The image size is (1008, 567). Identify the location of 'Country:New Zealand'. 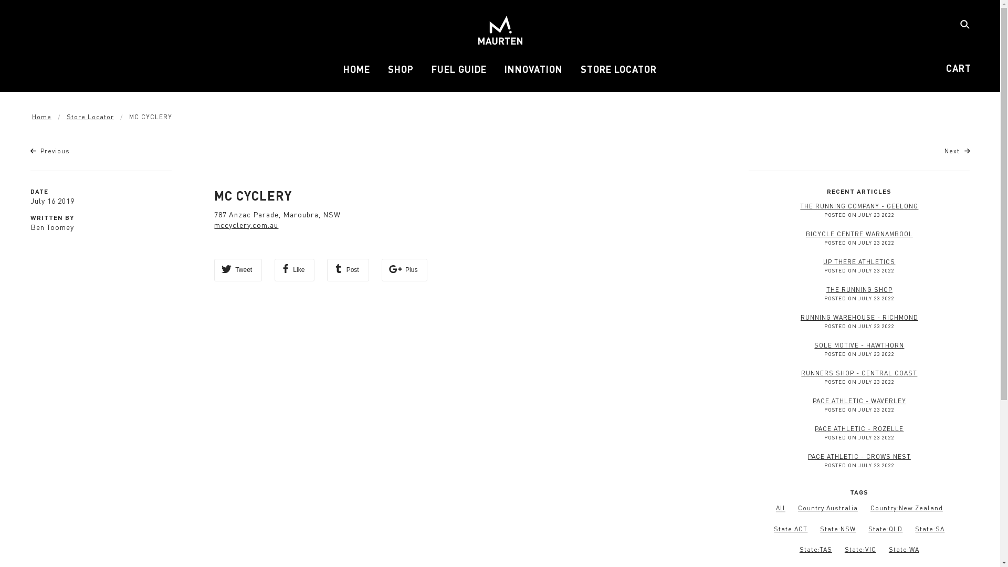
(870, 507).